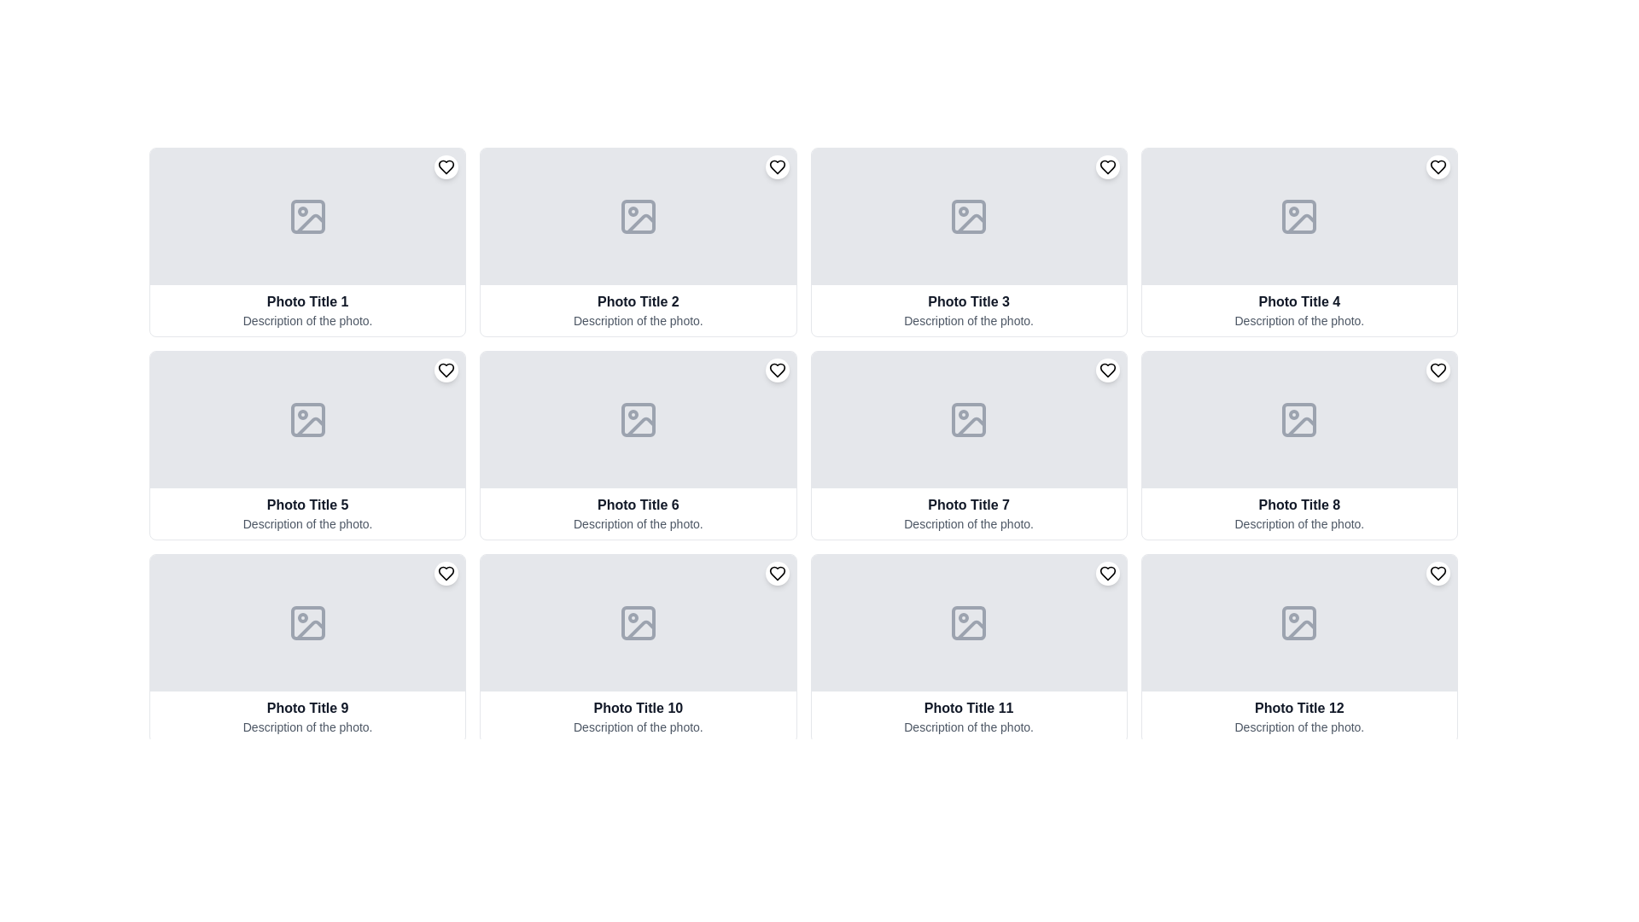 The image size is (1639, 922). What do you see at coordinates (969, 216) in the screenshot?
I see `the SVG image icon representing an image placeholder located in the card labeled 'Photo Title 3' in the first row, third column of the grid layout` at bounding box center [969, 216].